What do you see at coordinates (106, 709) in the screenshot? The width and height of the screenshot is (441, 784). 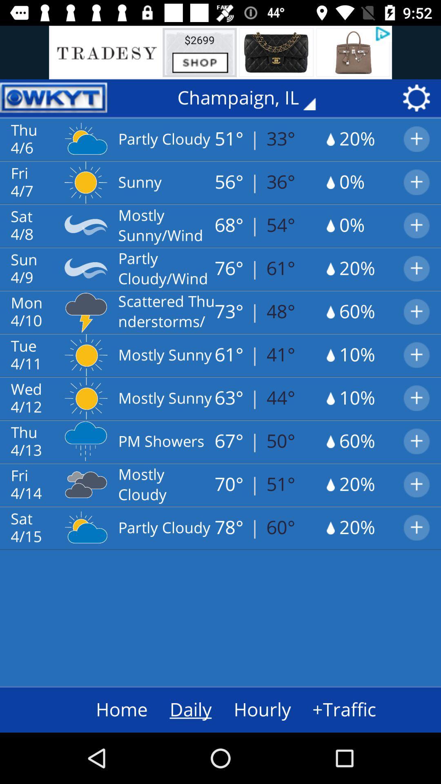 I see `home option` at bounding box center [106, 709].